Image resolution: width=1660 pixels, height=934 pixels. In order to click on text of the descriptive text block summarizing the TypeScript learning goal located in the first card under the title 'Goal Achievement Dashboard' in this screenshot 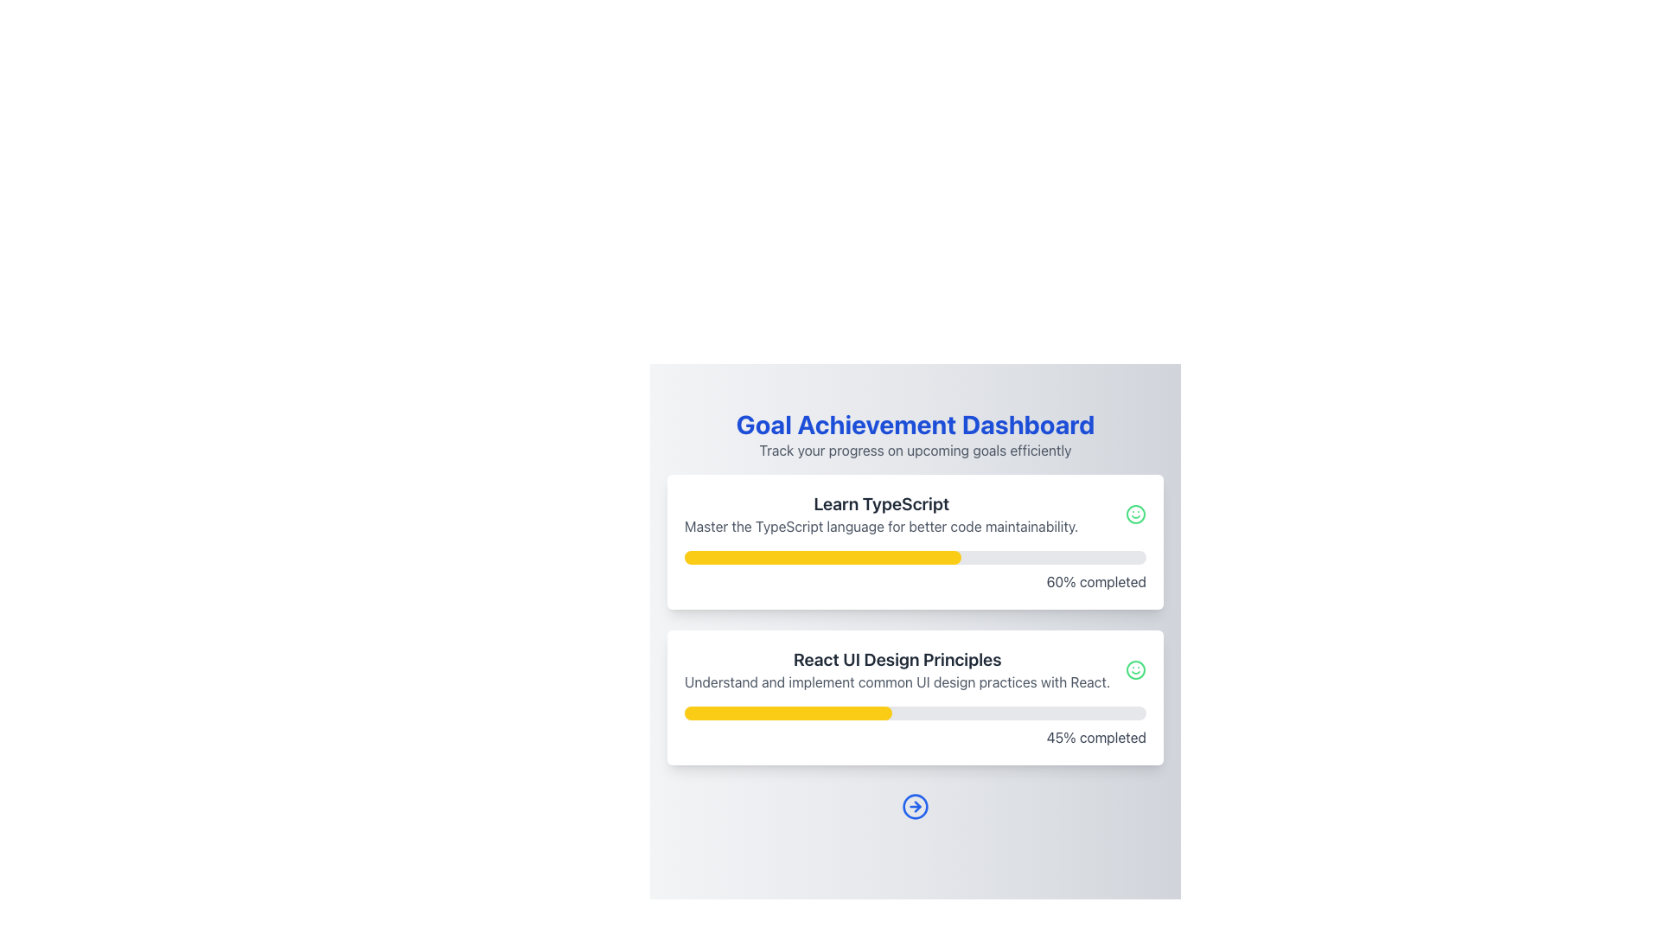, I will do `click(915, 513)`.